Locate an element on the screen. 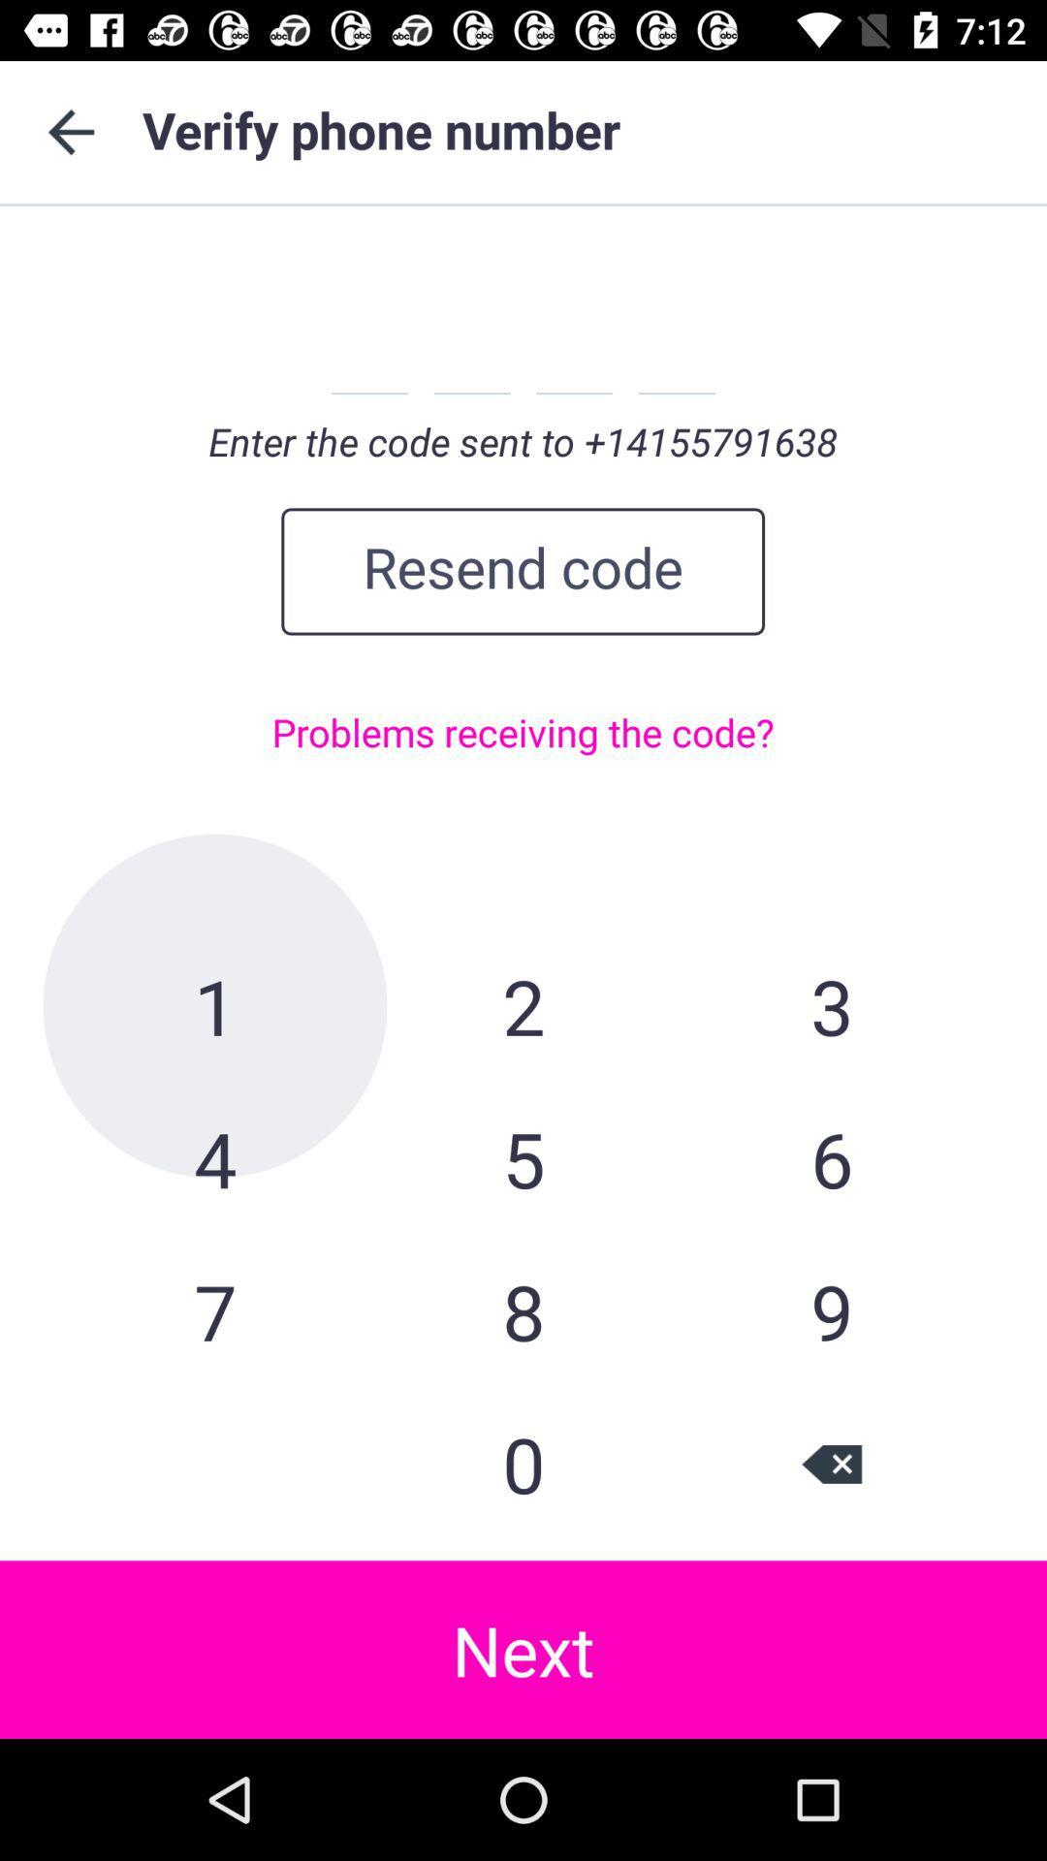  the button 6 on the web page is located at coordinates (830, 1158).